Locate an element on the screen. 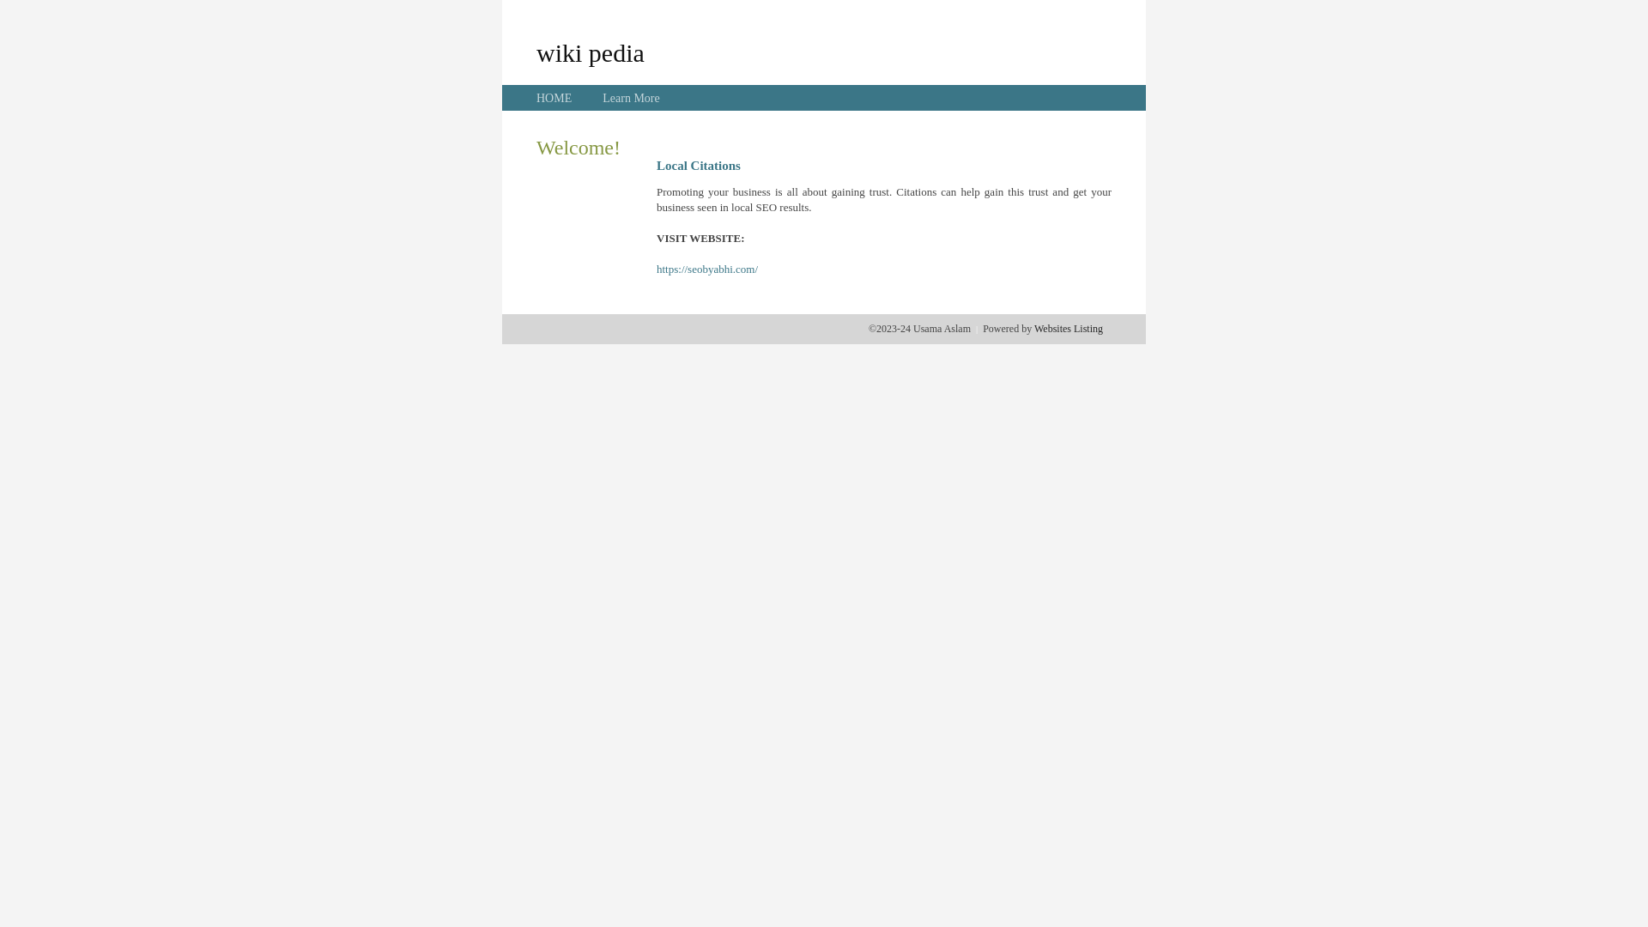  'https://seobyabhi.com/' is located at coordinates (707, 269).